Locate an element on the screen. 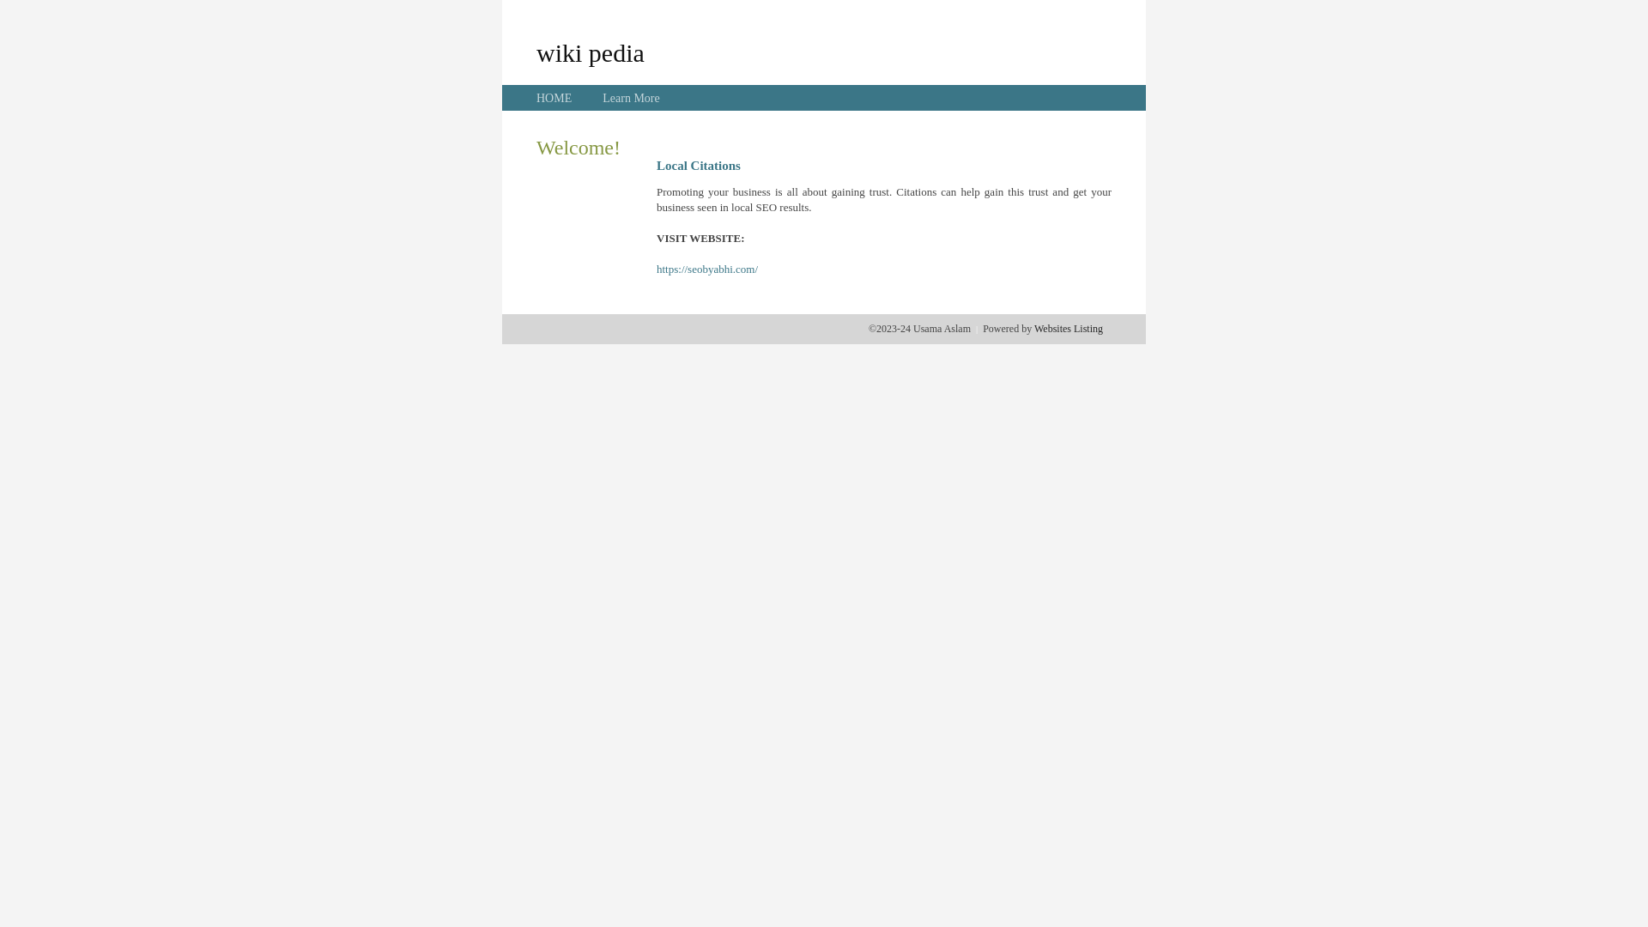  'https://seobyabhi.com/' is located at coordinates (707, 269).